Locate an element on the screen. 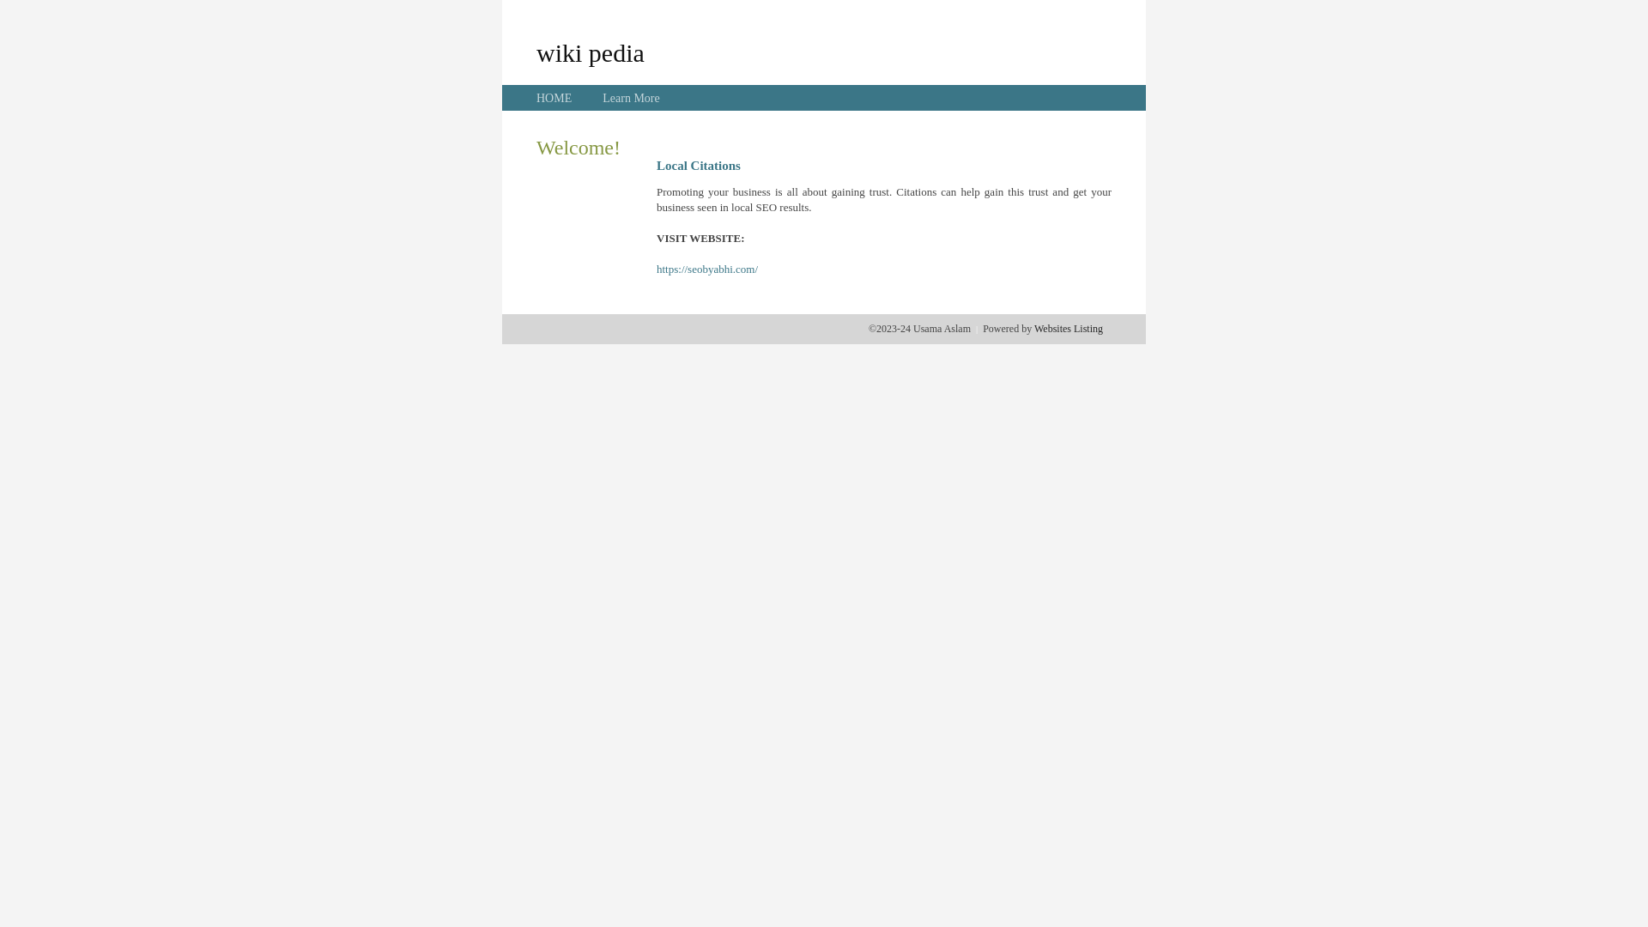  'https://seobyabhi.com/' is located at coordinates (707, 269).